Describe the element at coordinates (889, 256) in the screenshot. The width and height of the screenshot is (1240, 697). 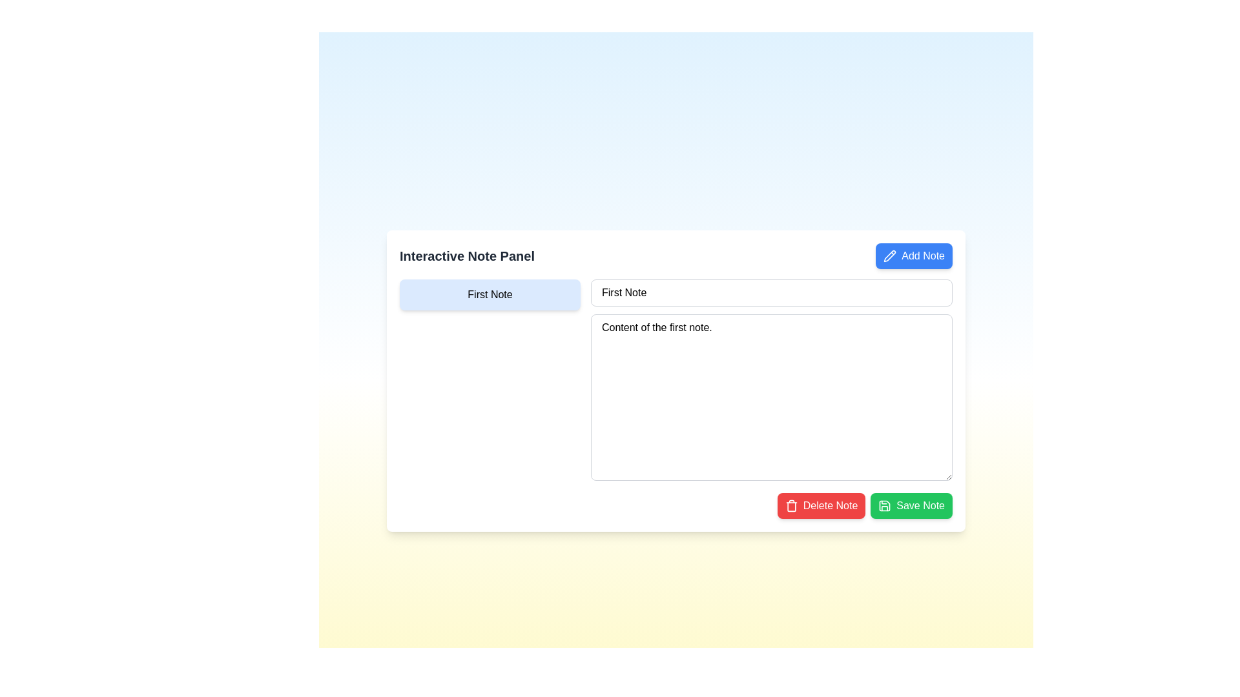
I see `the pencil icon with a blue background located within the 'Add Note' button in the top-right corner of the note panel interface` at that location.